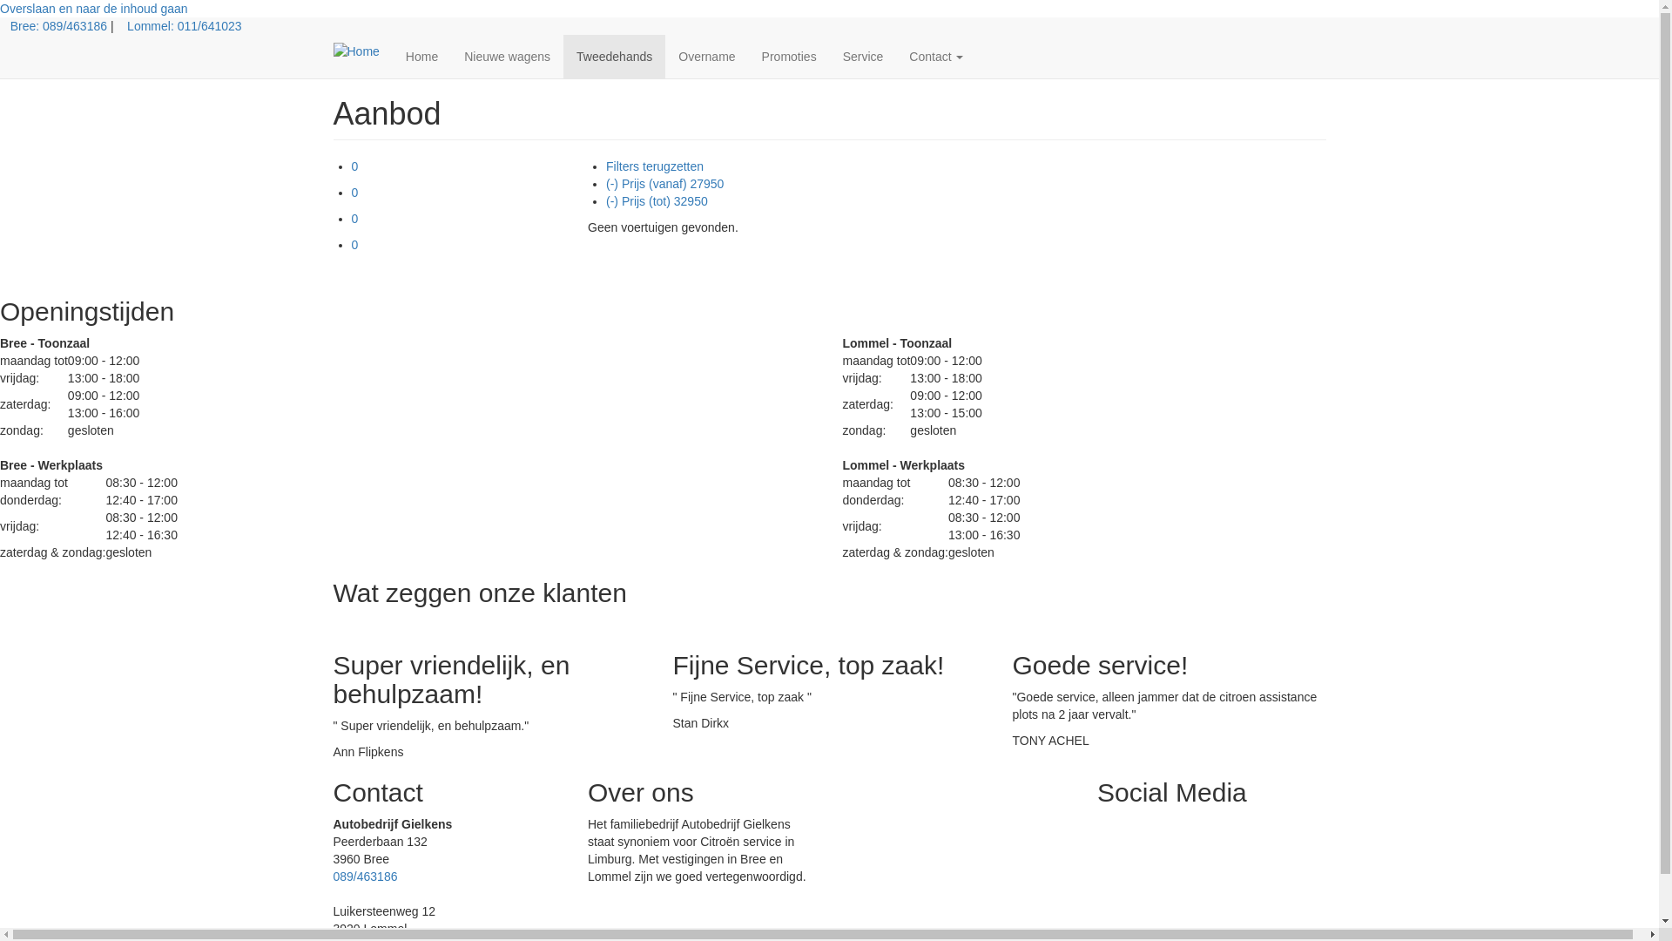 The height and width of the screenshot is (941, 1672). What do you see at coordinates (58, 26) in the screenshot?
I see `'Bree: 089/463186'` at bounding box center [58, 26].